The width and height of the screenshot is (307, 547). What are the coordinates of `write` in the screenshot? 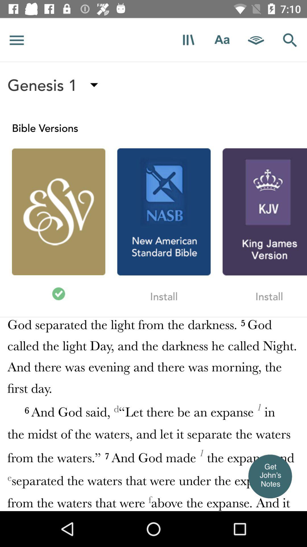 It's located at (222, 40).